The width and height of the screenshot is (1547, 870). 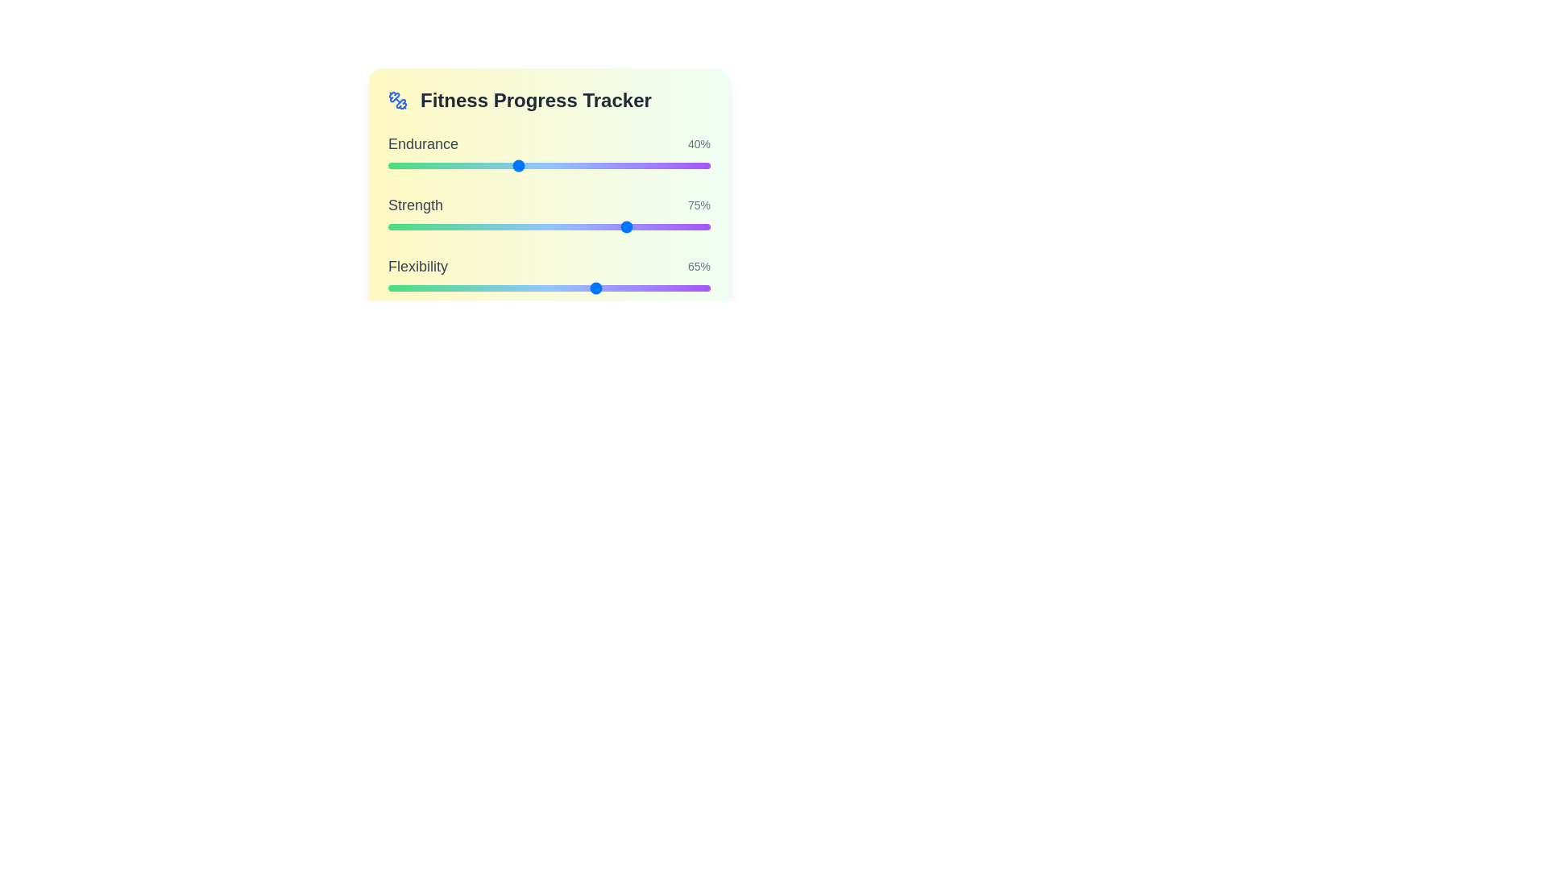 What do you see at coordinates (416, 204) in the screenshot?
I see `the 'Strength' text label, which is styled with a medium font weight, gray color, and capitalized text, located in the 'Fitness Progress Tracker' widget above the strength progress bar` at bounding box center [416, 204].